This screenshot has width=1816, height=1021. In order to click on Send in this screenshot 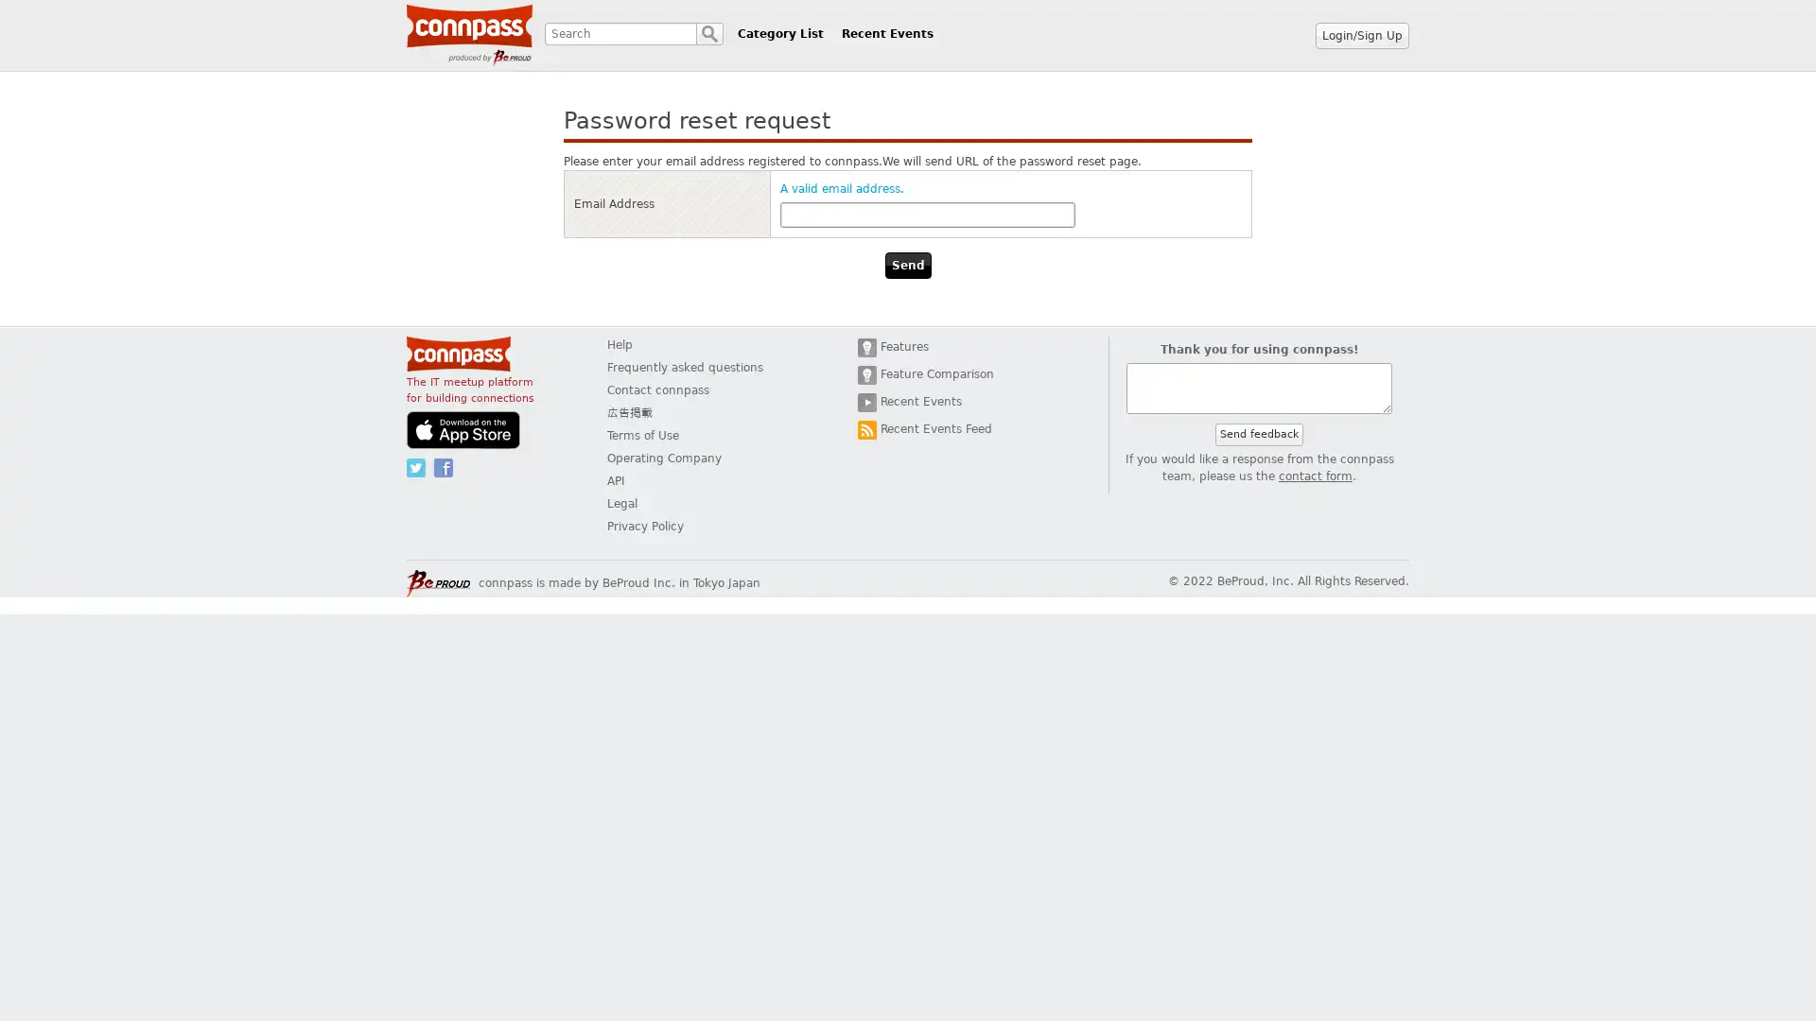, I will do `click(906, 266)`.